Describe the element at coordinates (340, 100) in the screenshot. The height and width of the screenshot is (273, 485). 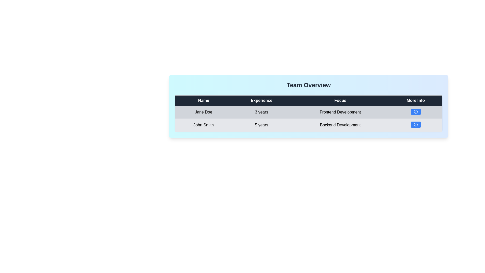
I see `the 'Focus' label, which is the third label in a sequence of four labels in the header row of a table, displaying the text in white on a dark blue background` at that location.